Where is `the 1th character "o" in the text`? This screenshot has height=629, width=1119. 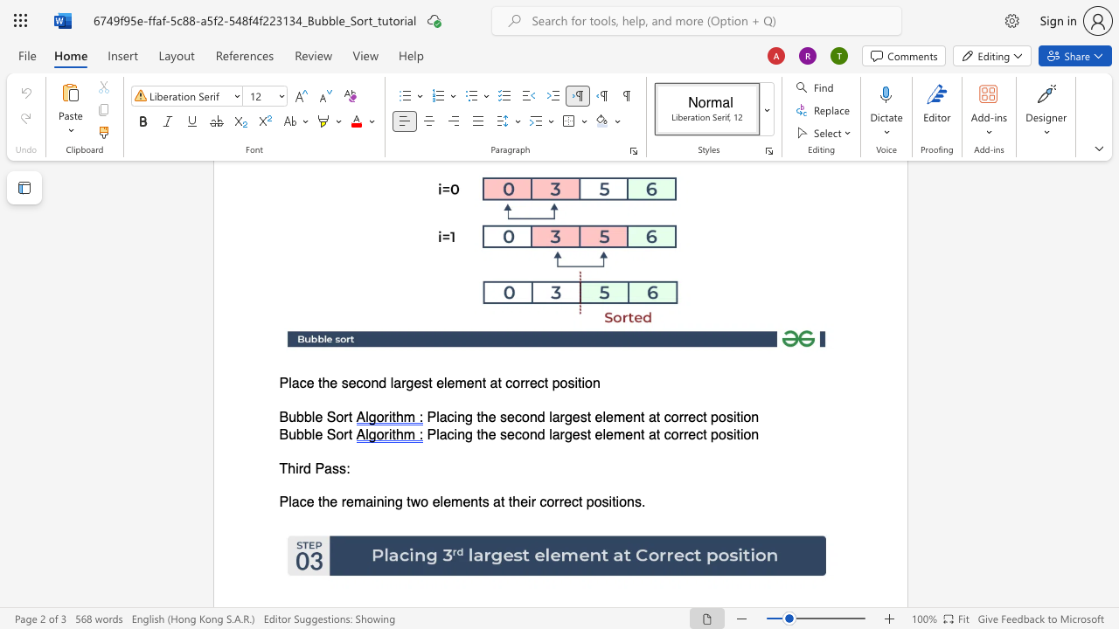
the 1th character "o" in the text is located at coordinates (339, 433).